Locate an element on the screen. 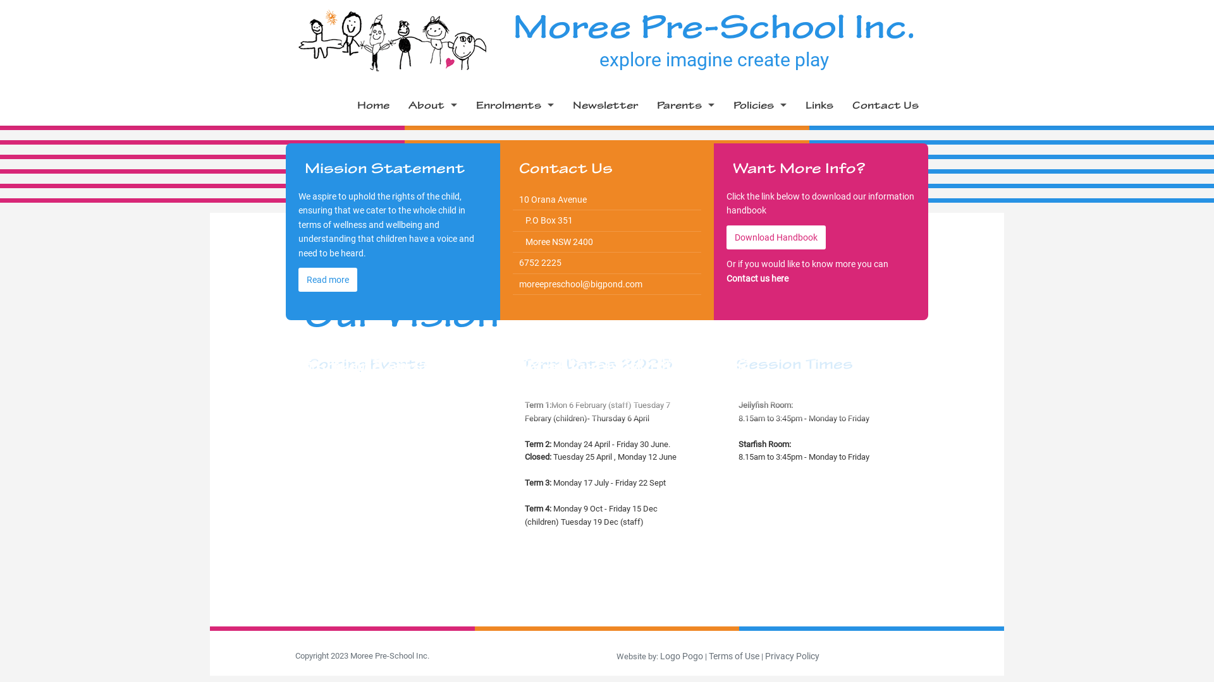 The height and width of the screenshot is (682, 1214). 'Terms of Use' is located at coordinates (734, 655).